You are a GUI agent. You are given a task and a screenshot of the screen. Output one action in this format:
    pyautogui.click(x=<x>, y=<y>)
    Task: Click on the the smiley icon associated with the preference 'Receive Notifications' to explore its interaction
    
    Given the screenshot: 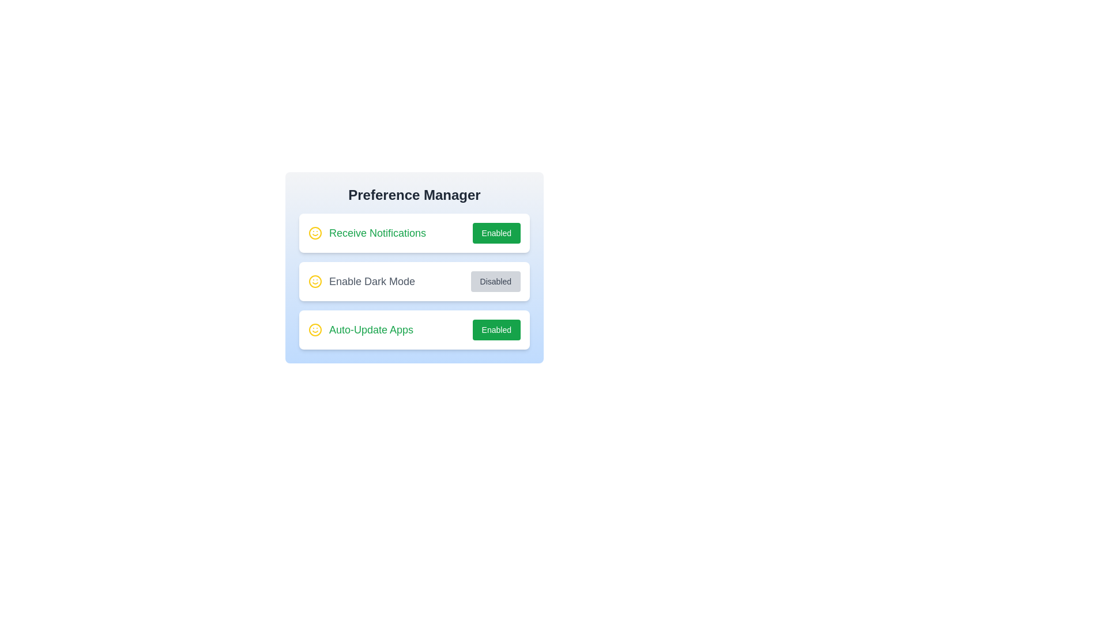 What is the action you would take?
    pyautogui.click(x=315, y=233)
    